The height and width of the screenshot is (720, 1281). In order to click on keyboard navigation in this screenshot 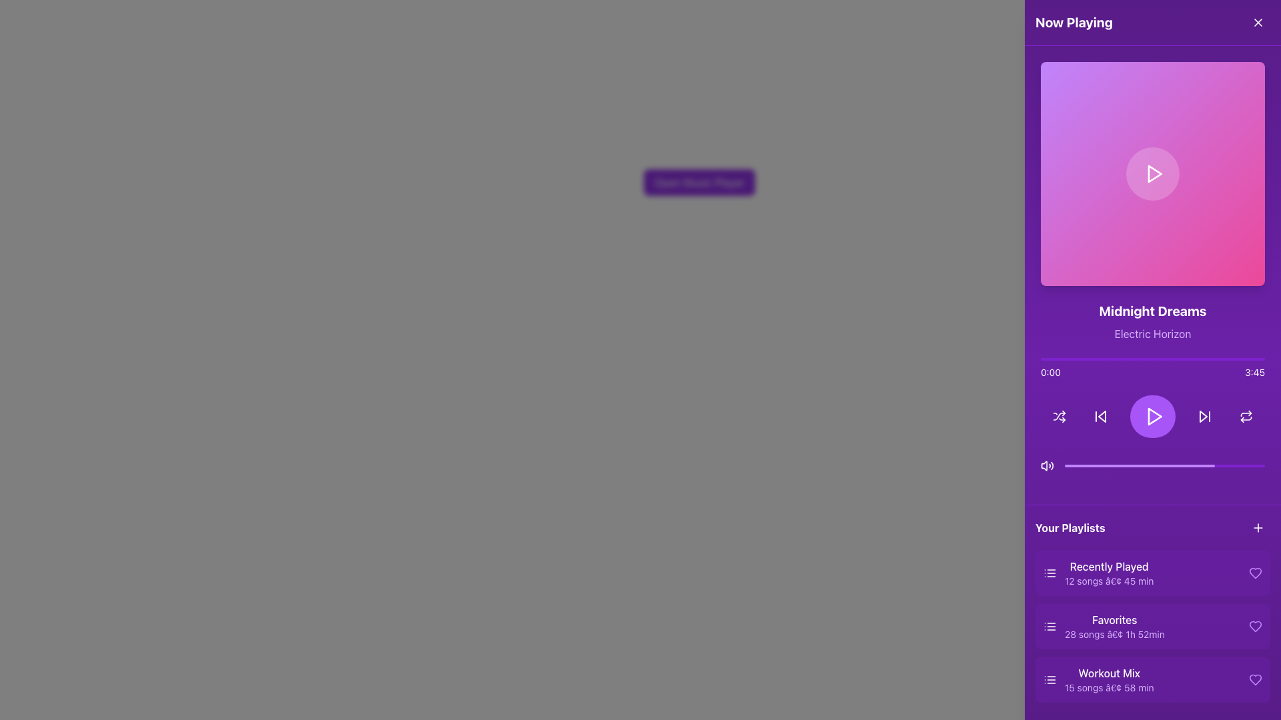, I will do `click(1152, 627)`.